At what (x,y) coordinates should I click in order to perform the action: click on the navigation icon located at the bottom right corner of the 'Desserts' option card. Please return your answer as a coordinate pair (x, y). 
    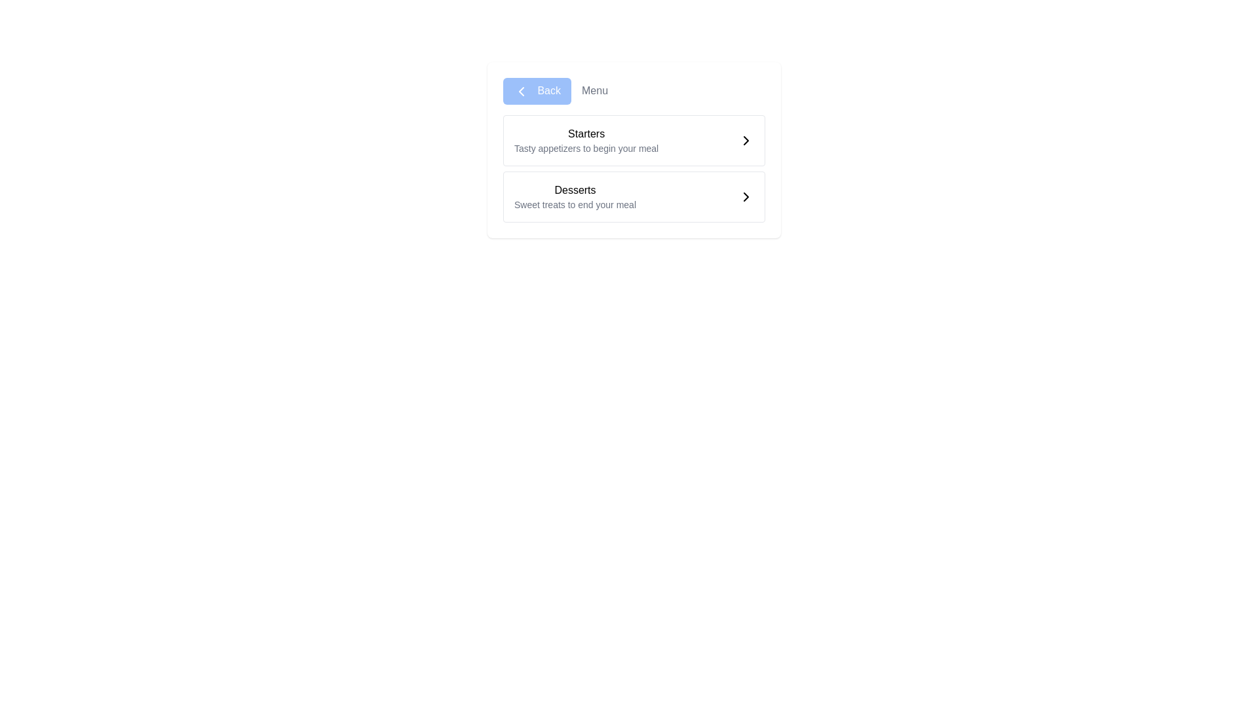
    Looking at the image, I should click on (746, 196).